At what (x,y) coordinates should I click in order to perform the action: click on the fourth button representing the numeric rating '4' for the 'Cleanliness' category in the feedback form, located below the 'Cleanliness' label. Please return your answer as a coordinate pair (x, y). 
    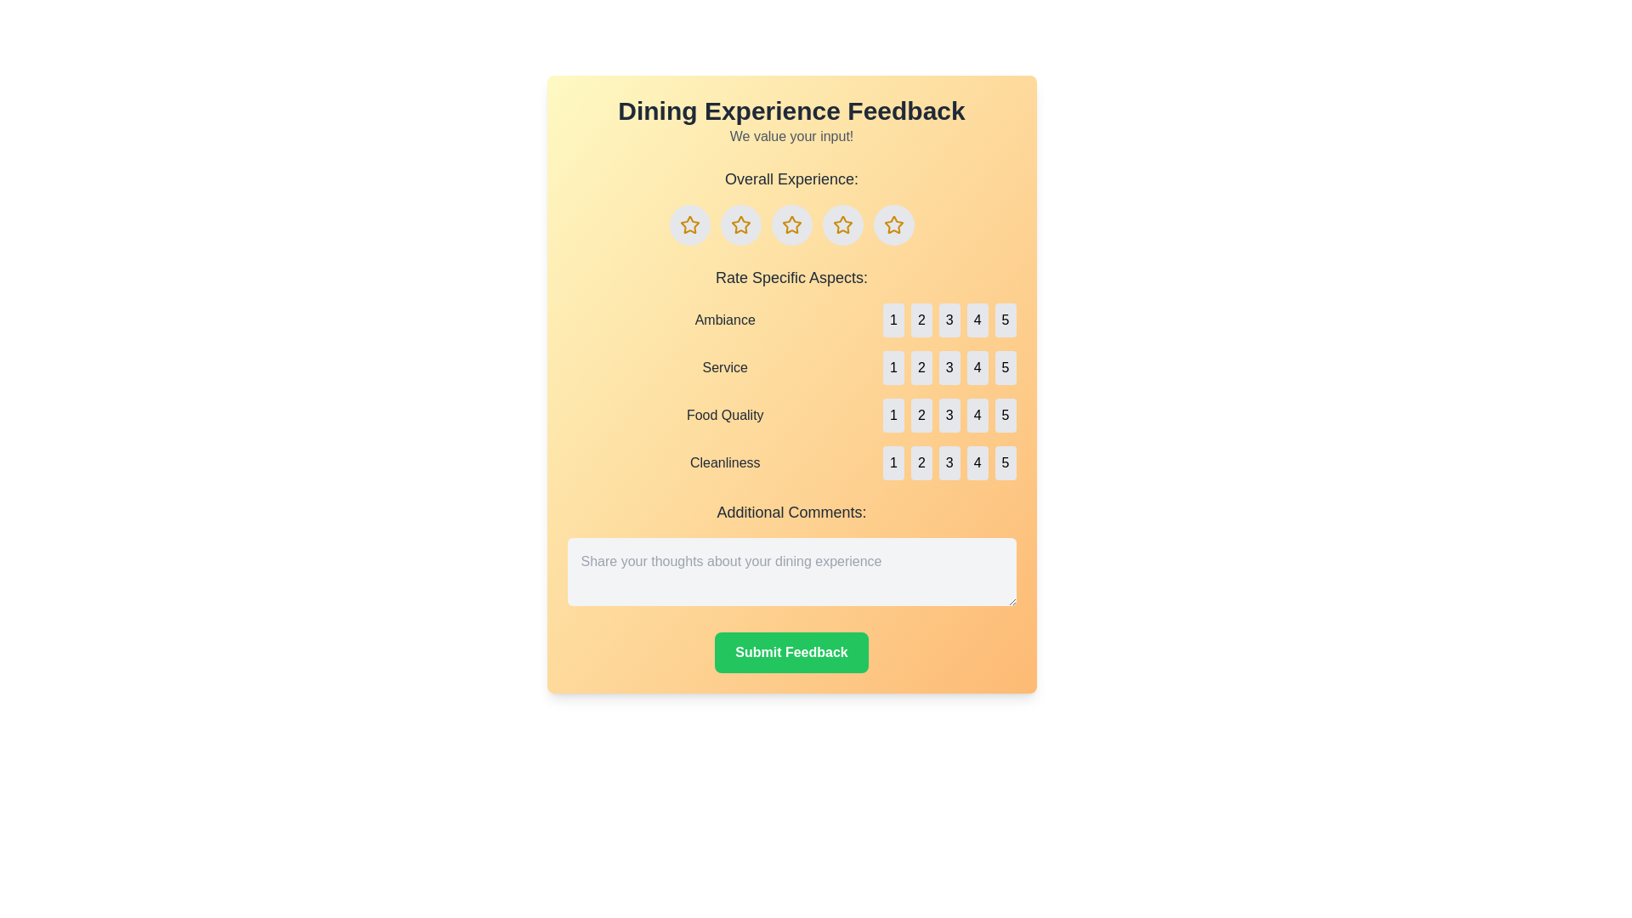
    Looking at the image, I should click on (977, 462).